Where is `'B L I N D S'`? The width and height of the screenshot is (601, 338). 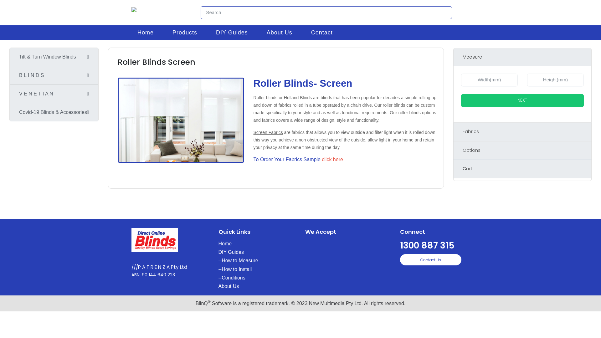
'B L I N D S' is located at coordinates (19, 75).